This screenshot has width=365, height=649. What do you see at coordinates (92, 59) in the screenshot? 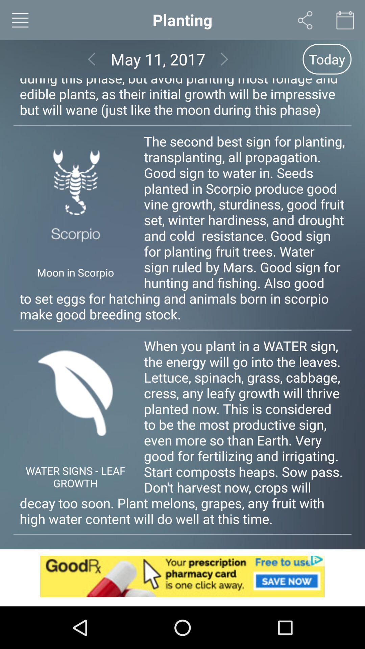
I see `previous calendar page` at bounding box center [92, 59].